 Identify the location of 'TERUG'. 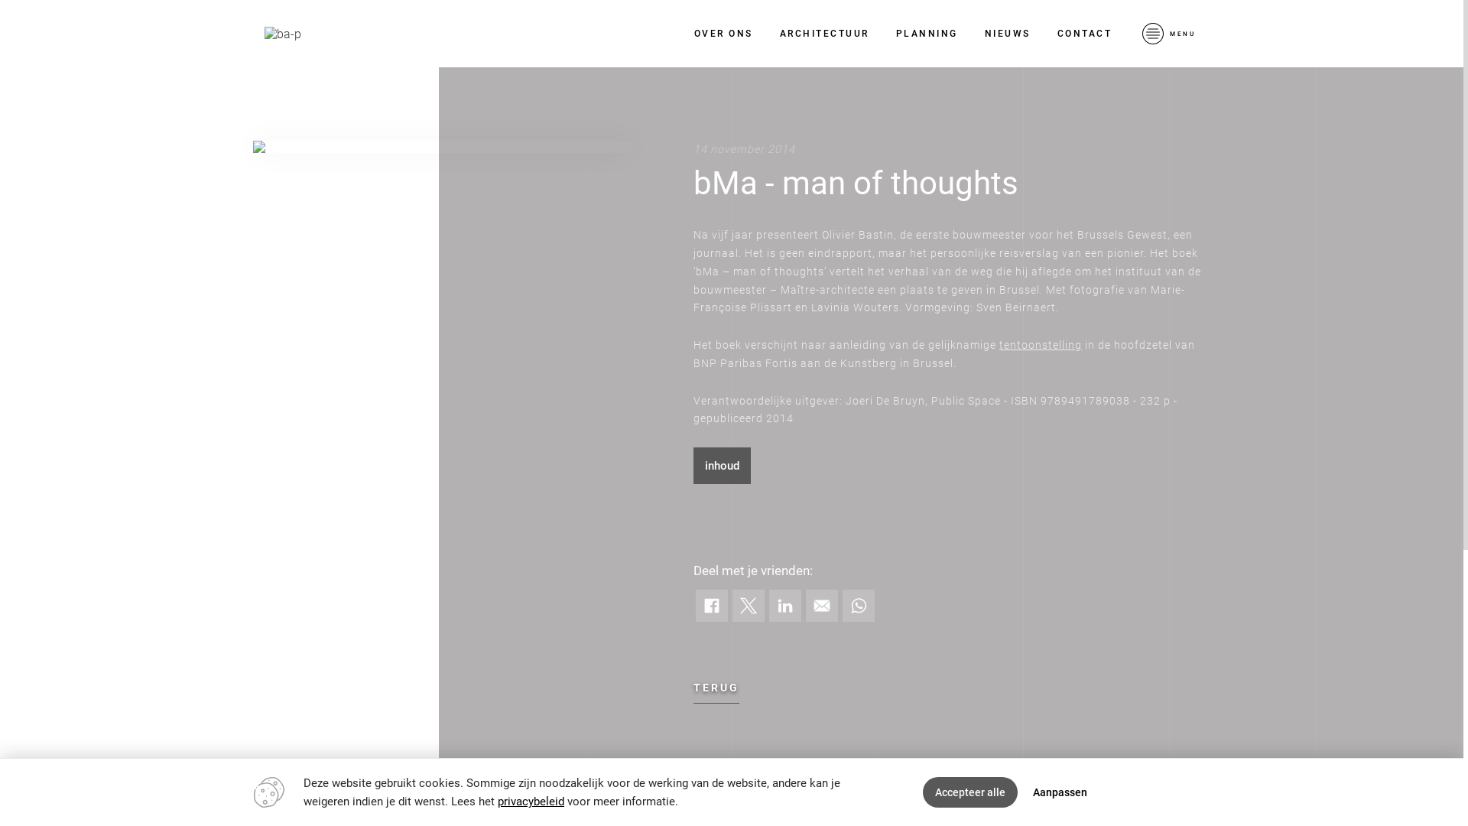
(715, 687).